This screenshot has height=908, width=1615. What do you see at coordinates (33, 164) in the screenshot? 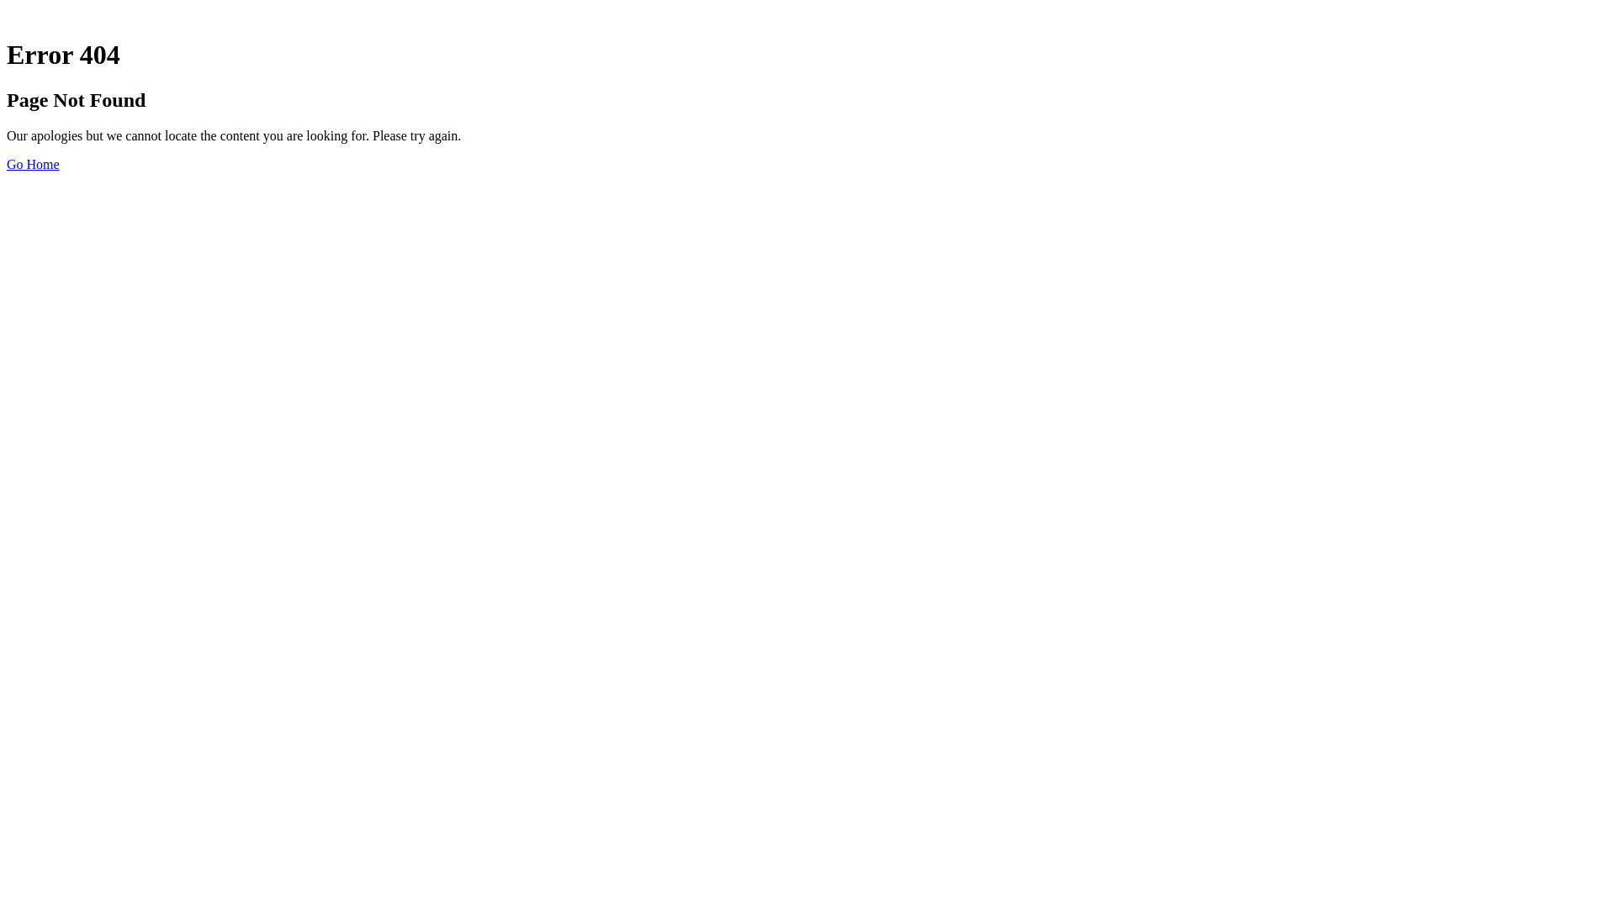
I see `'Go Home'` at bounding box center [33, 164].